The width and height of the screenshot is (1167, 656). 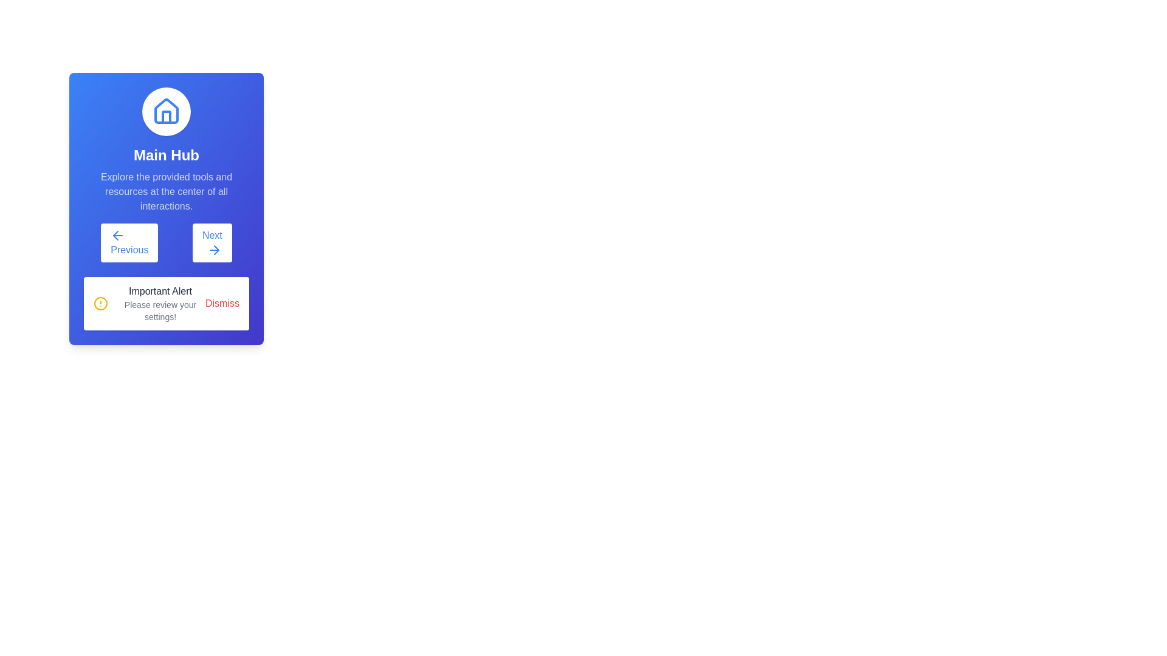 What do you see at coordinates (165, 208) in the screenshot?
I see `informational text from the 'Main Hub' panel which includes the title, subtitle, and alert message` at bounding box center [165, 208].